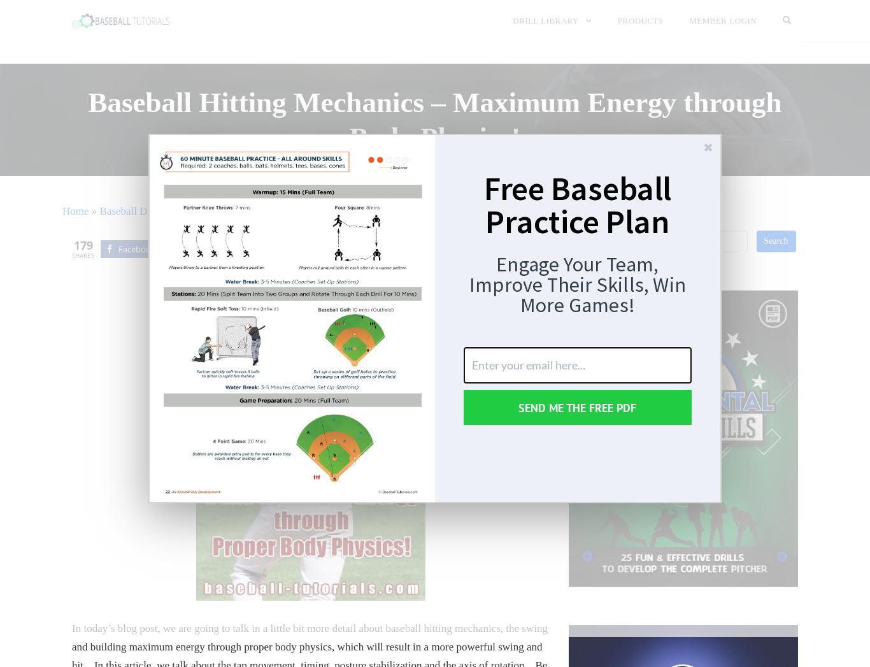 The width and height of the screenshot is (870, 667). I want to click on 'Share', so click(312, 248).